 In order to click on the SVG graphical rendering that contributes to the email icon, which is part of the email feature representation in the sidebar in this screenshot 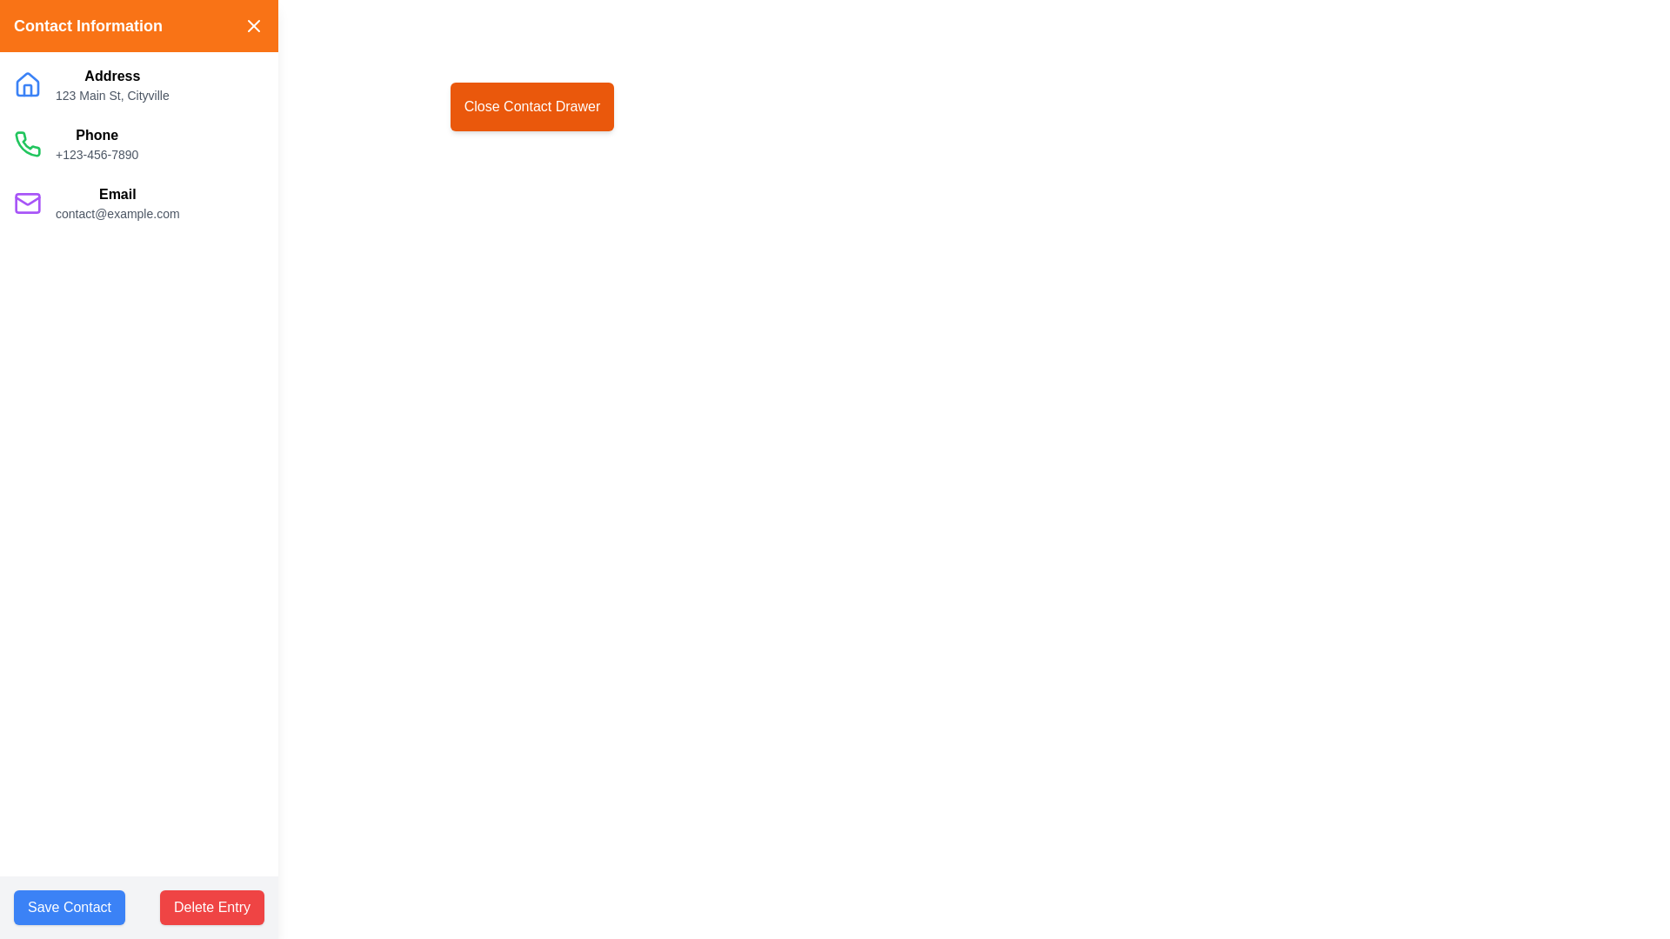, I will do `click(28, 203)`.